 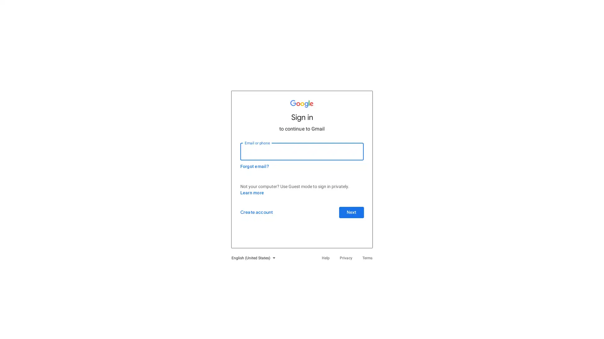 I want to click on Next, so click(x=347, y=218).